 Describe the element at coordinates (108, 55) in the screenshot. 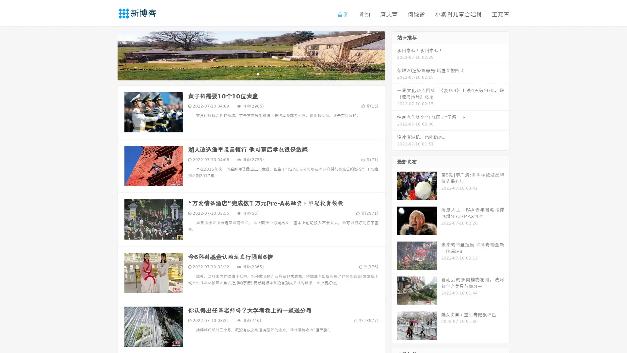

I see `Previous slide` at that location.